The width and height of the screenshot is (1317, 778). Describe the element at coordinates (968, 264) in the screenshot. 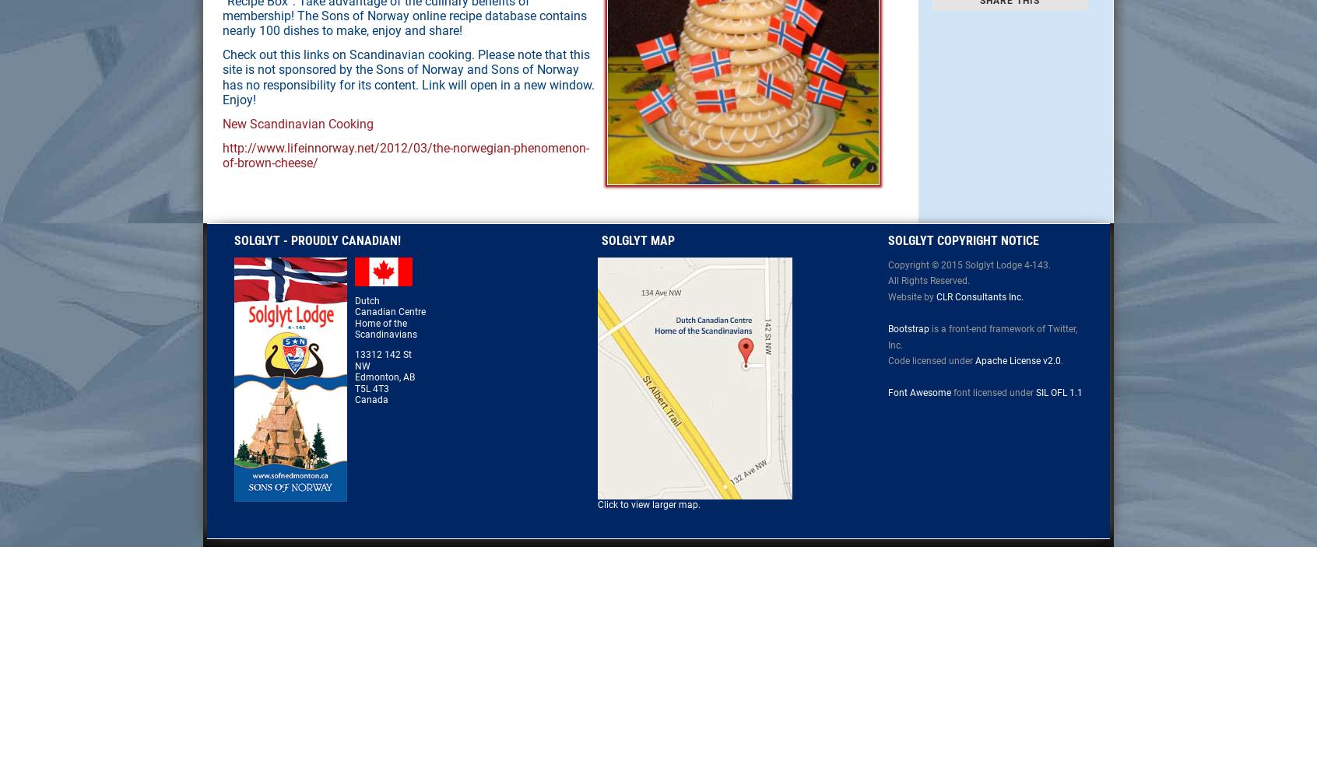

I see `'Copyright © 2015 Solglyt Lodge 4-143.'` at that location.